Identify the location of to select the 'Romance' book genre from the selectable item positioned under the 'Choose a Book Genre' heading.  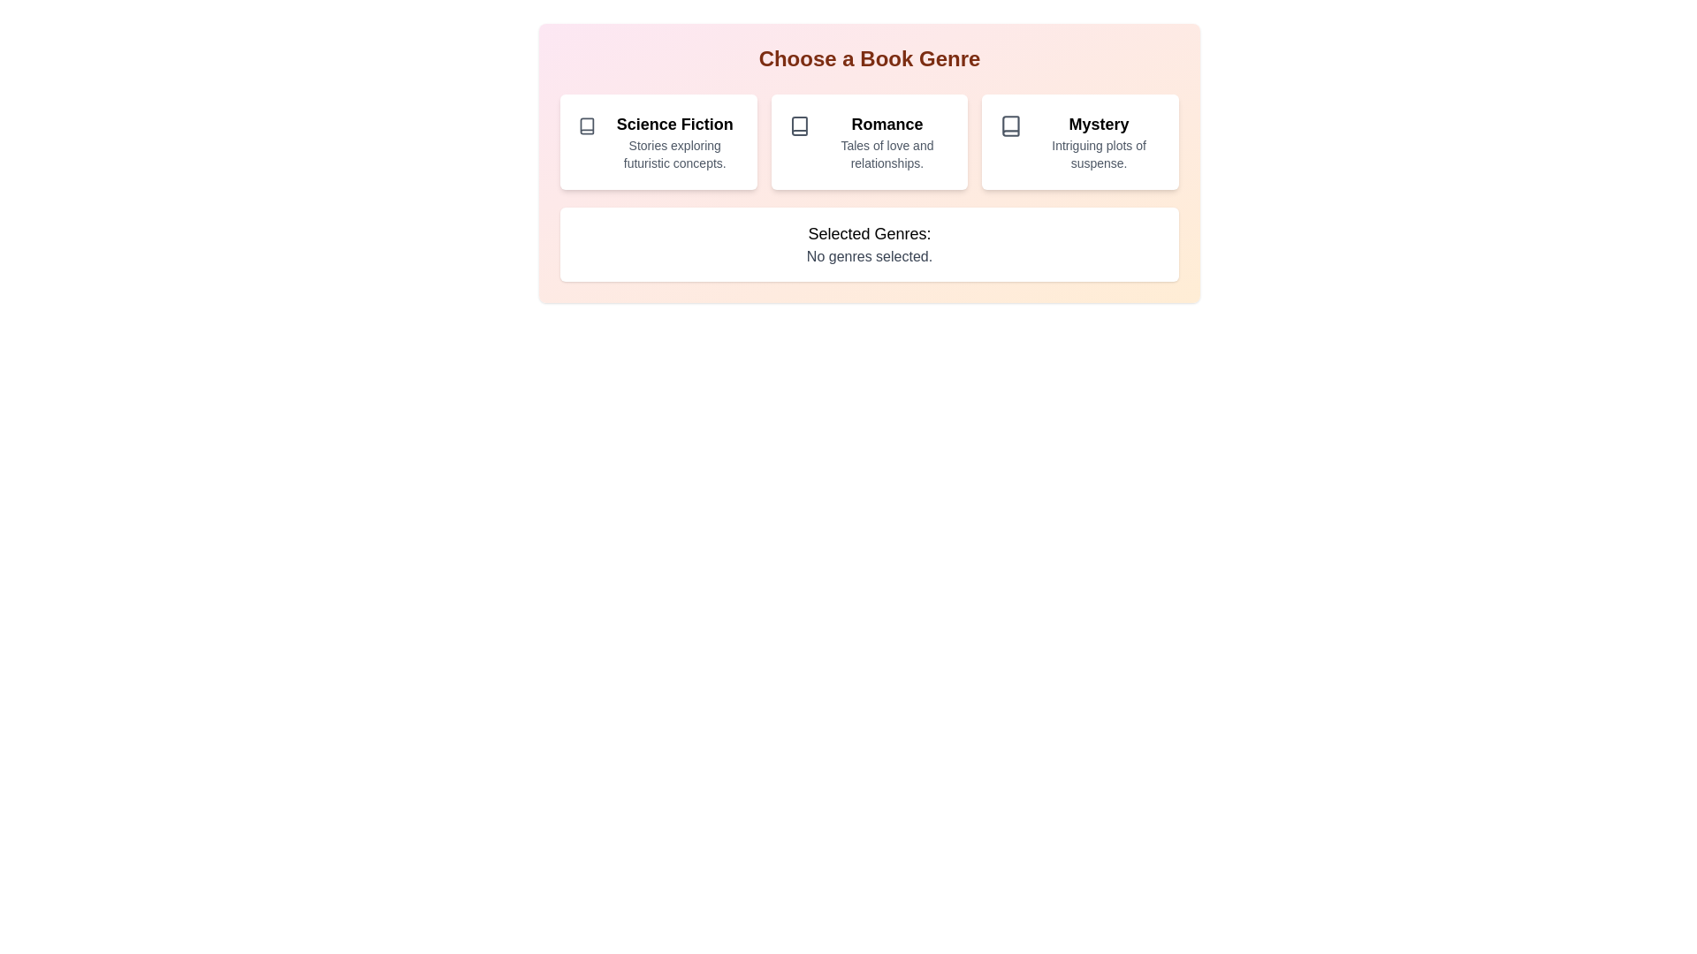
(887, 141).